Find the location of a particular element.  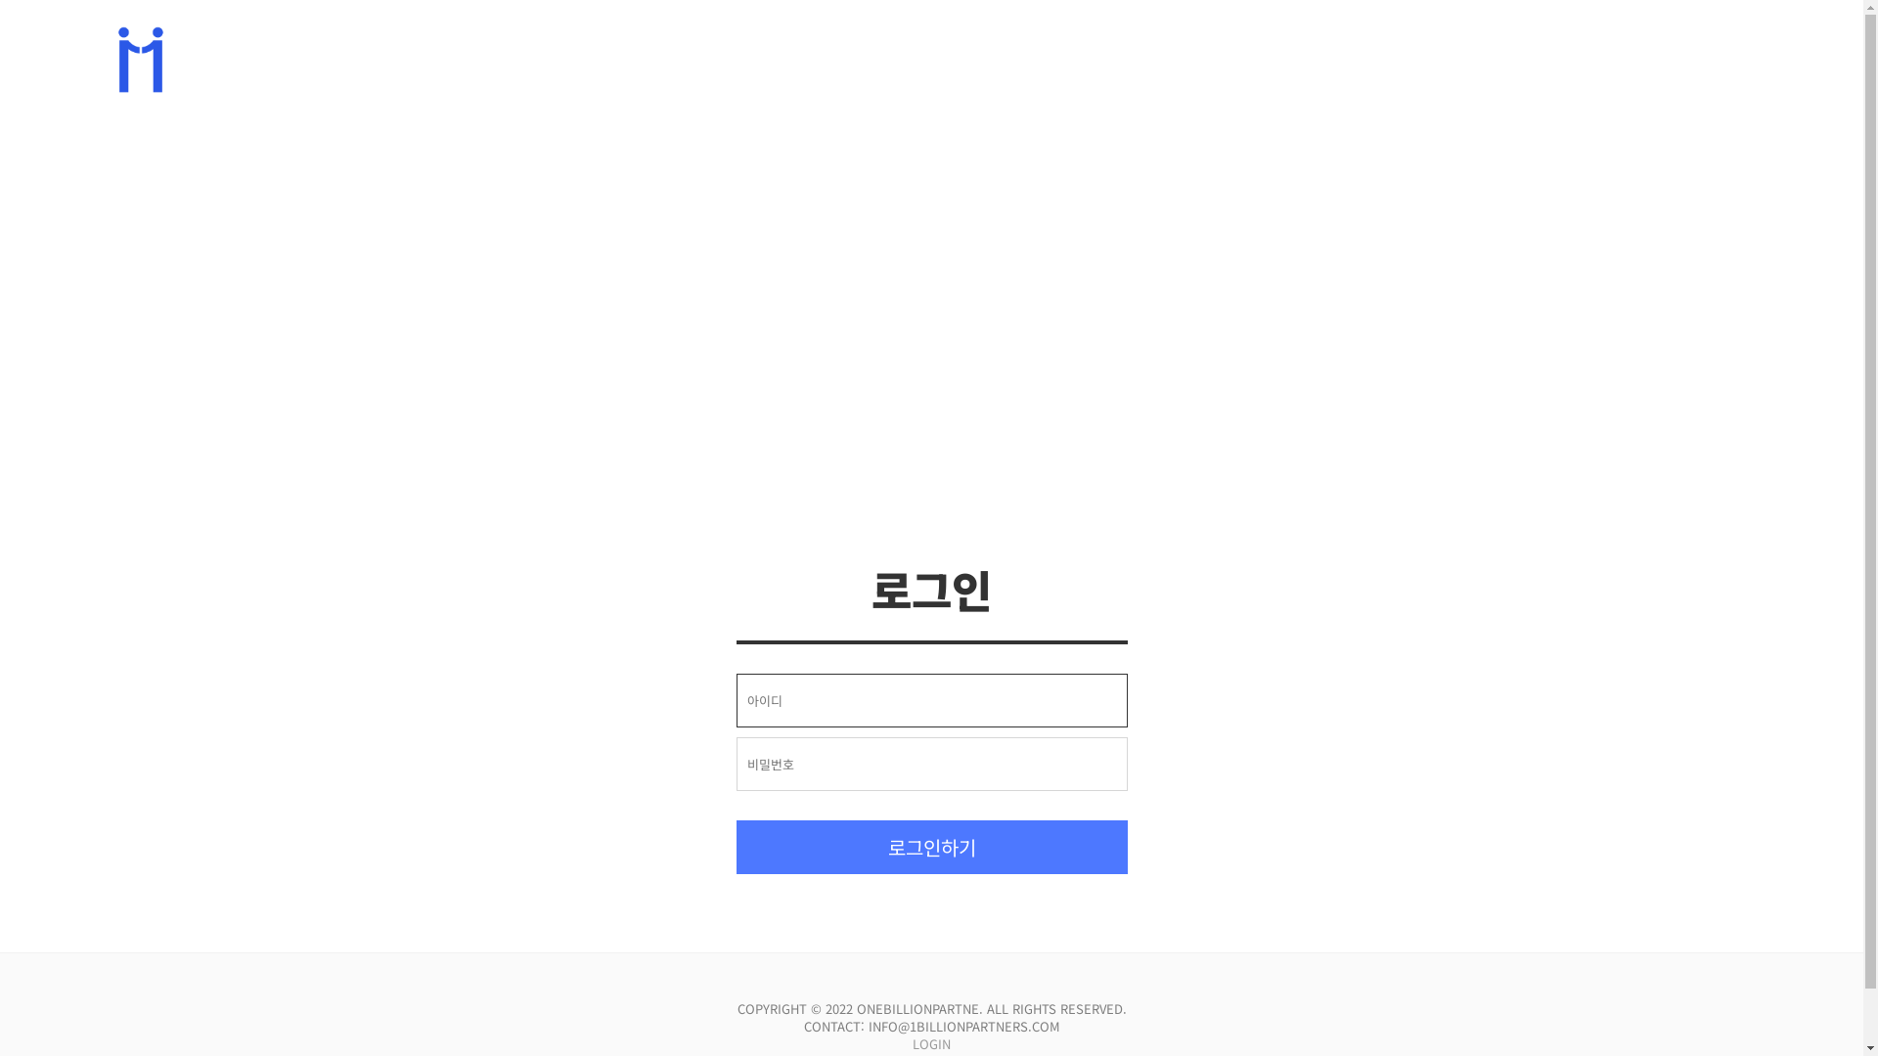

'LOGIN' is located at coordinates (930, 1042).